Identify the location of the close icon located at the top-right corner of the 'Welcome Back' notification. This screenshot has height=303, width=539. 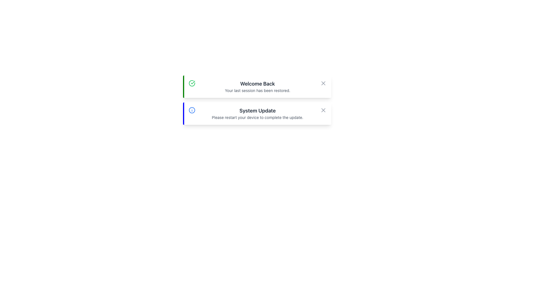
(323, 83).